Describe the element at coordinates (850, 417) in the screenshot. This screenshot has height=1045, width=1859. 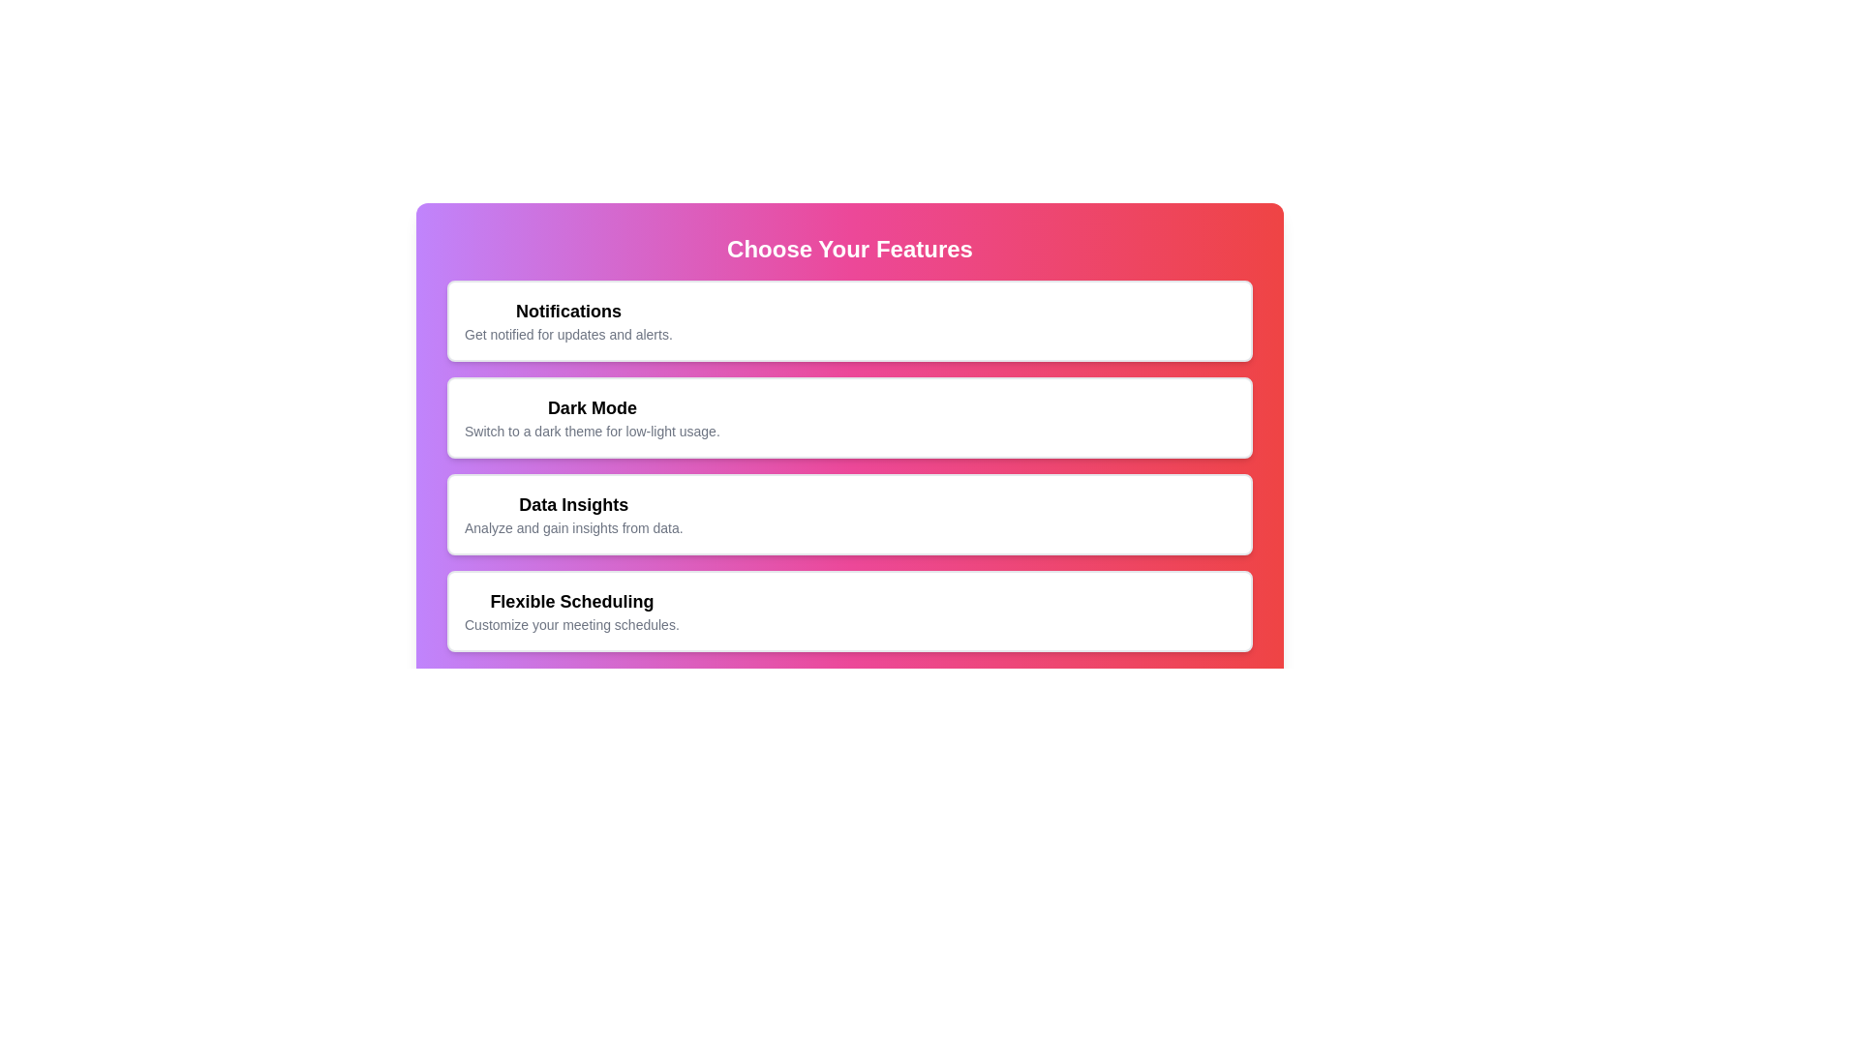
I see `the card titled 'Dark Mode' which is the second item in a stack of four cards` at that location.